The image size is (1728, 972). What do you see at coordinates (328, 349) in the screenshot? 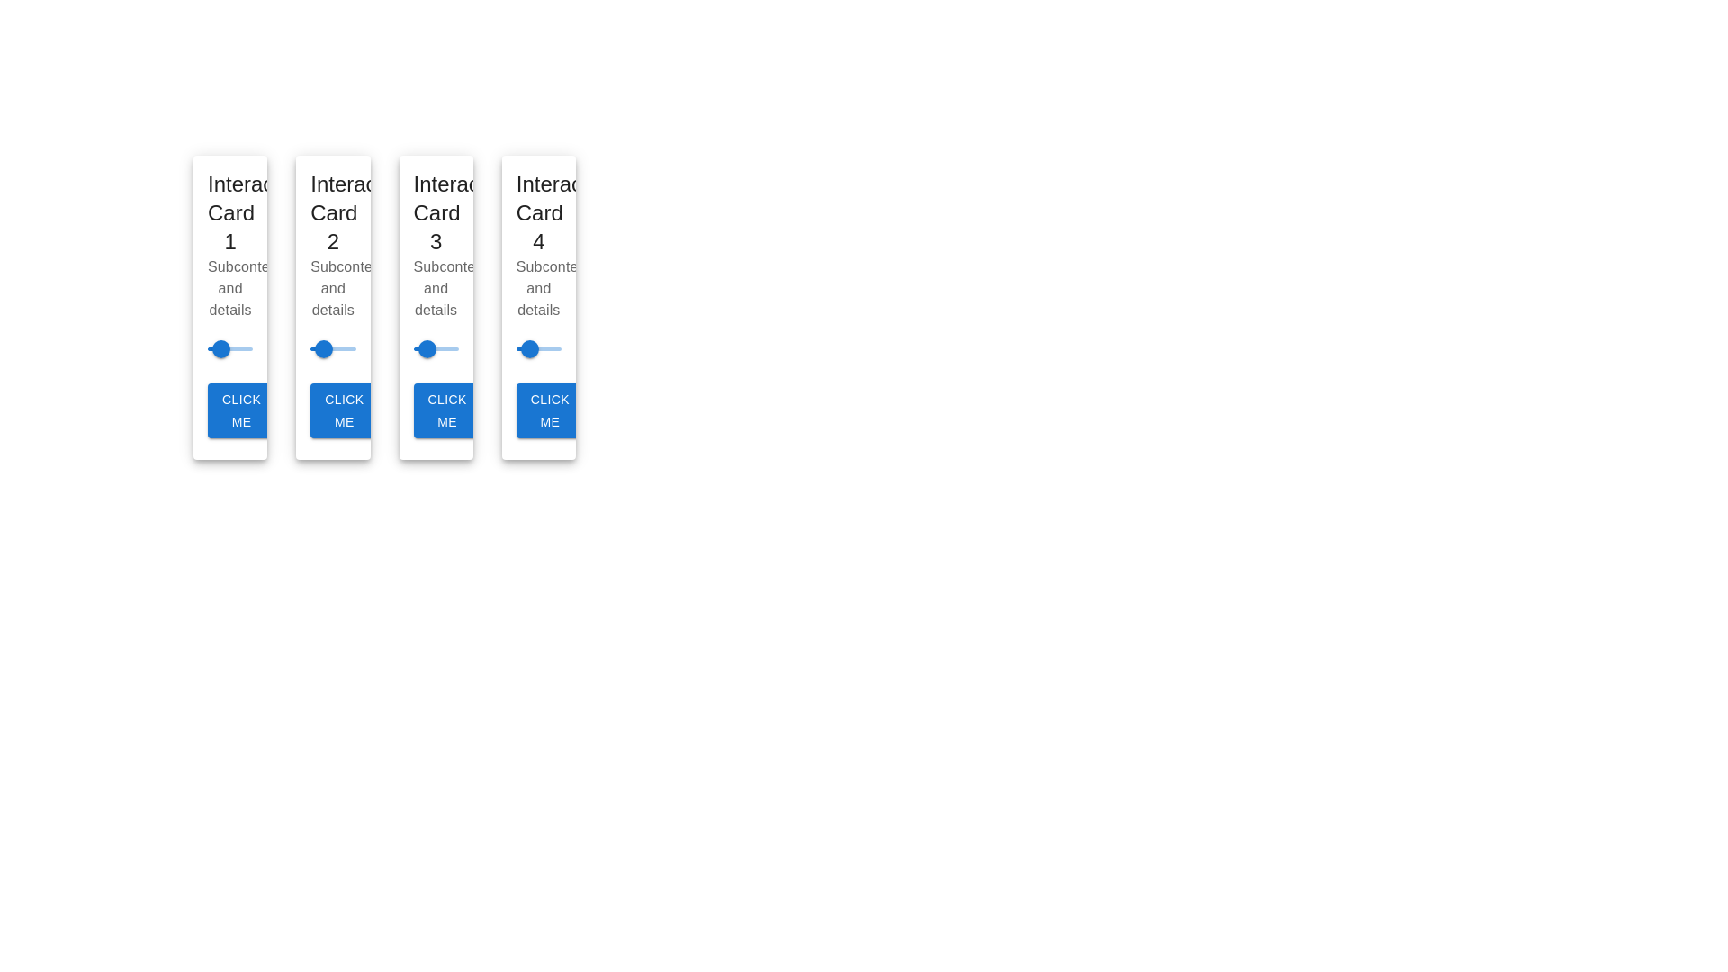
I see `the slider` at bounding box center [328, 349].